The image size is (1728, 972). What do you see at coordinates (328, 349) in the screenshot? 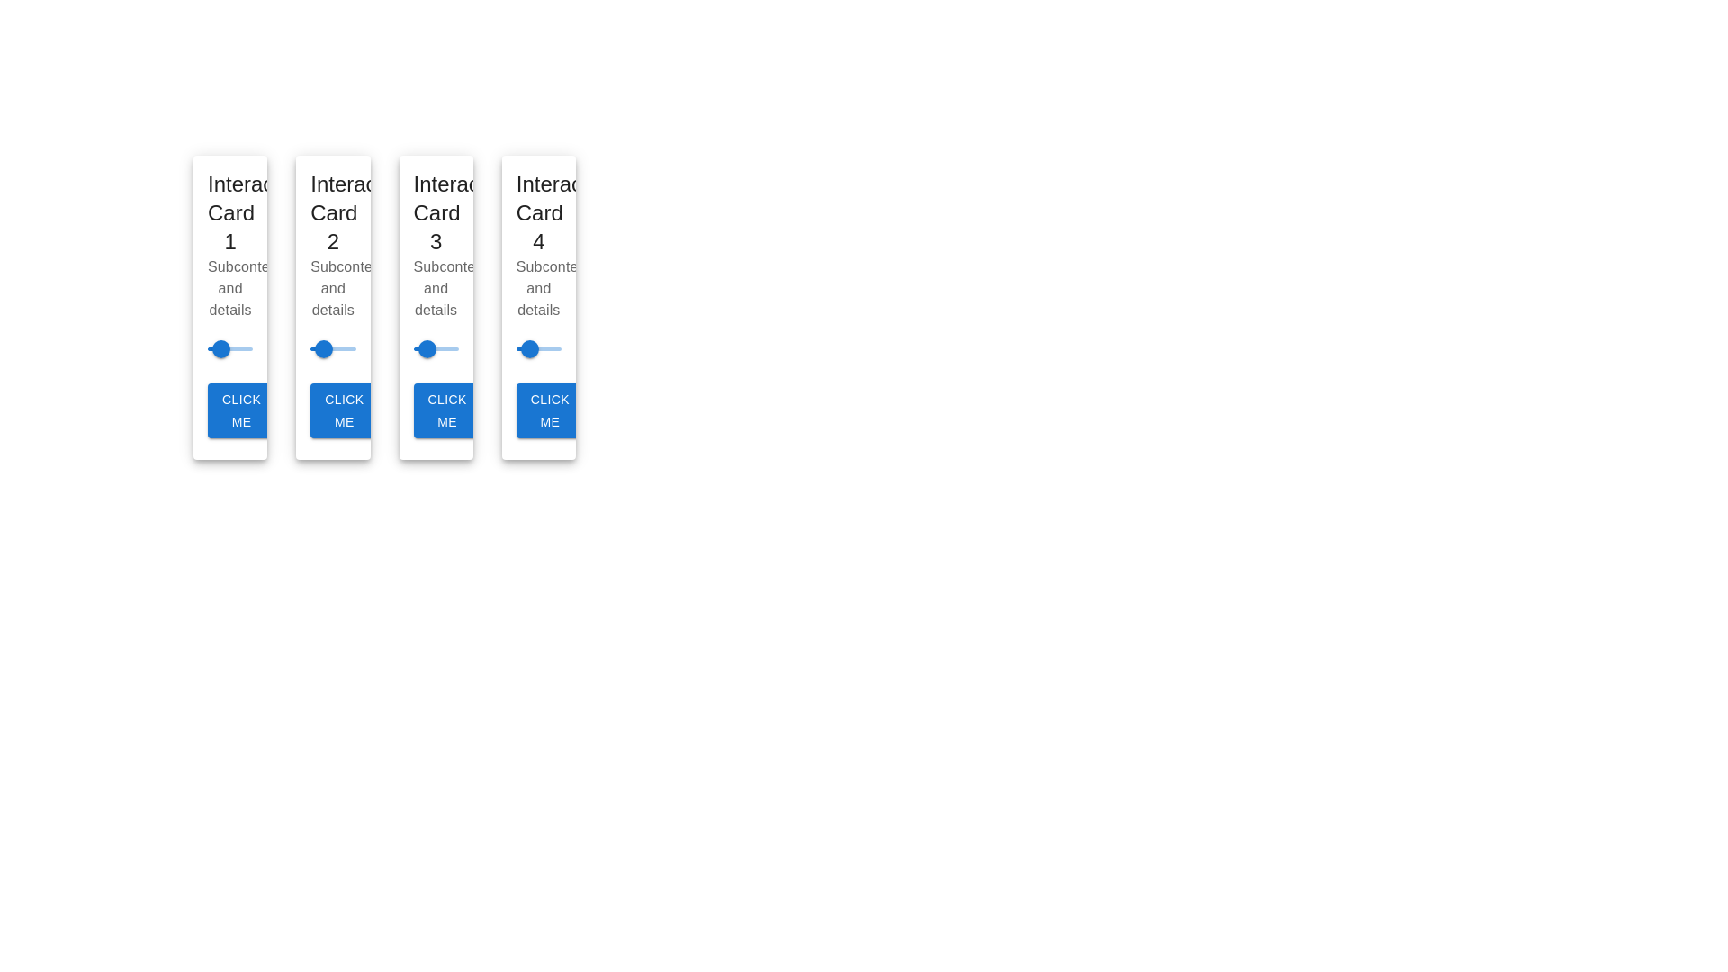
I see `the slider` at bounding box center [328, 349].